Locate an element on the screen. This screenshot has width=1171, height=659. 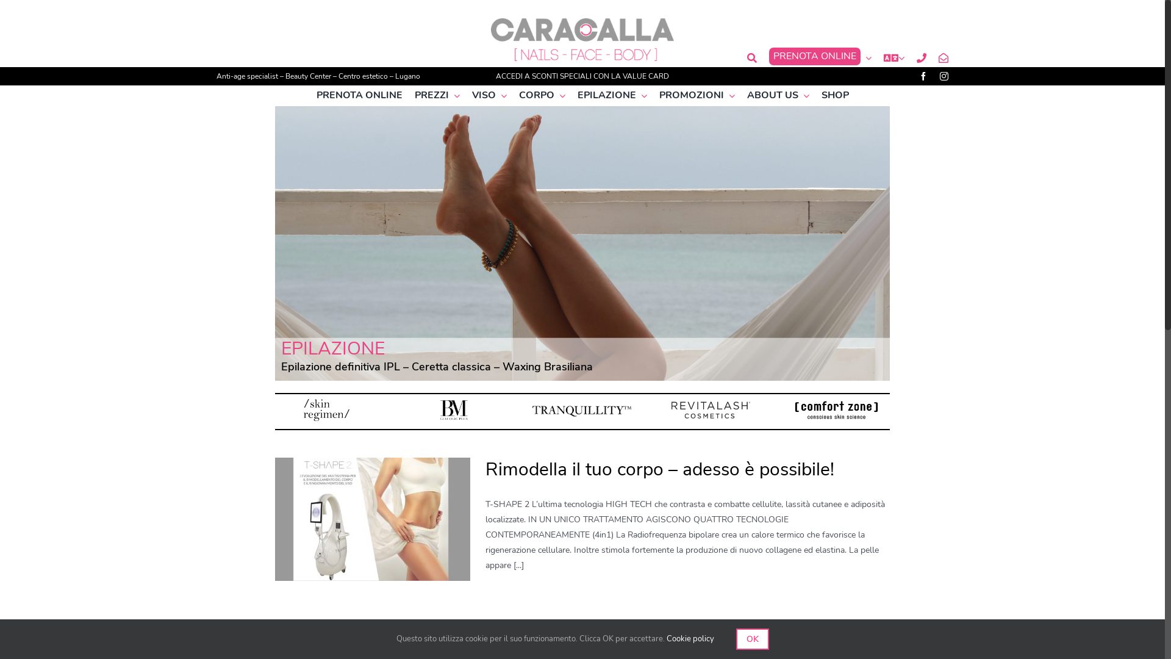
'PRENOTA ONLINE' is located at coordinates (820, 58).